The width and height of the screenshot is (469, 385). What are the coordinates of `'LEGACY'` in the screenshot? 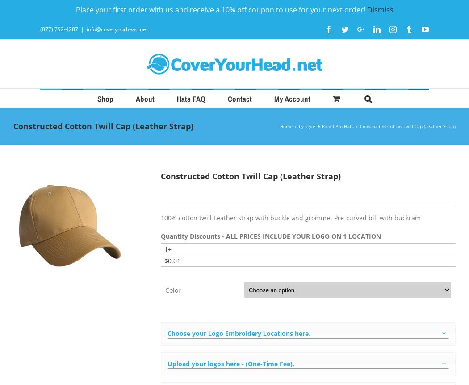 It's located at (197, 180).